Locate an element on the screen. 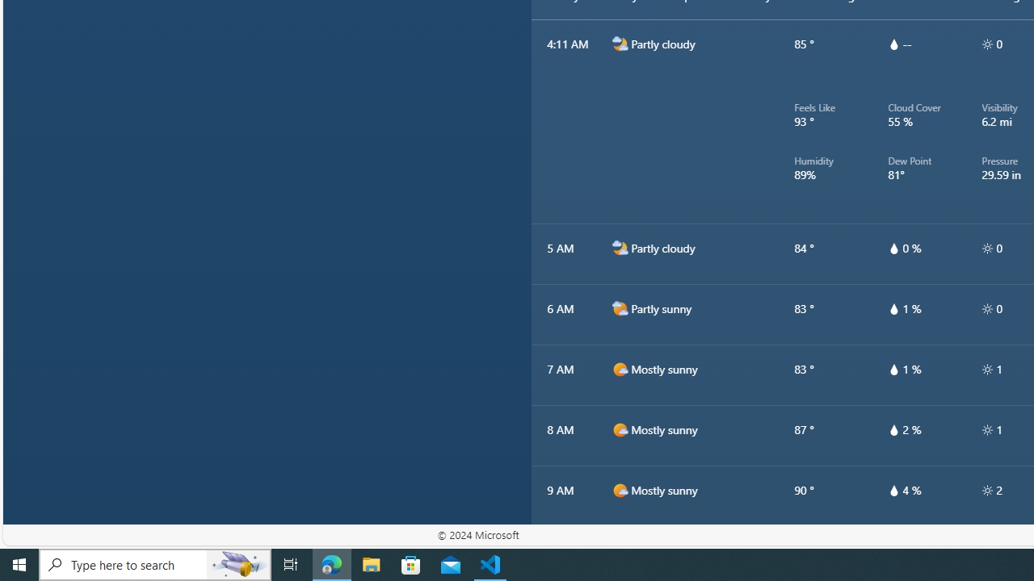  'Microsoft Edge - 1 running window' is located at coordinates (331, 563).